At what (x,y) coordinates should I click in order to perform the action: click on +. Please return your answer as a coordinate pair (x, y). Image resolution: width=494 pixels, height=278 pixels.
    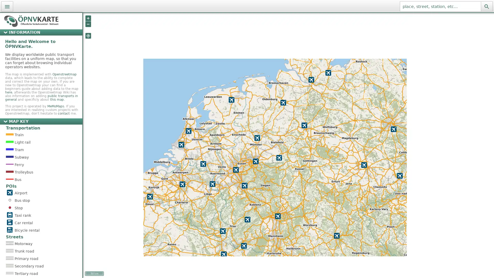
    Looking at the image, I should click on (88, 18).